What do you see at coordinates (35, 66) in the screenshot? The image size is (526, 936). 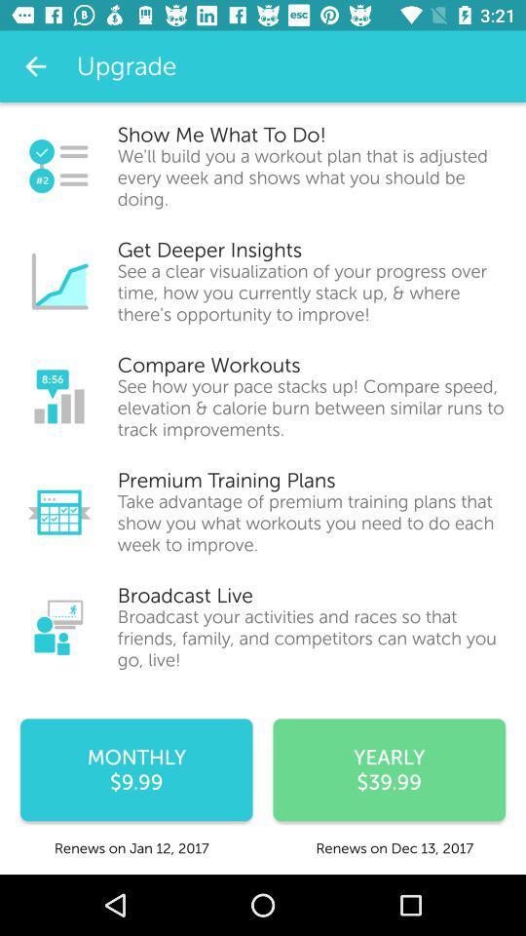 I see `the app to the left of the upgrade` at bounding box center [35, 66].